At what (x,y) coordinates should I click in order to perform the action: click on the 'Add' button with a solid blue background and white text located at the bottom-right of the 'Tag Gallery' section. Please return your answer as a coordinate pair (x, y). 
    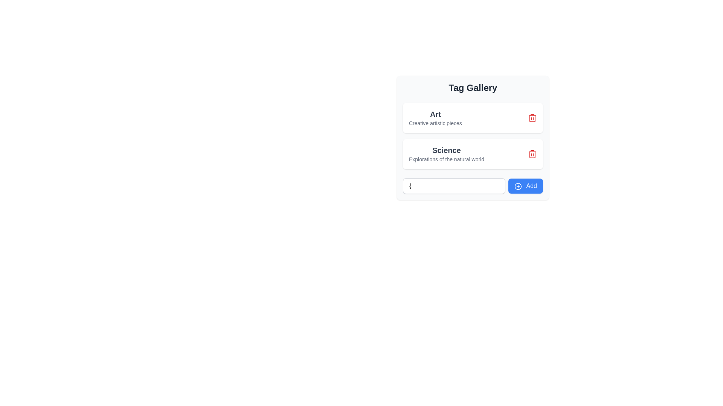
    Looking at the image, I should click on (525, 186).